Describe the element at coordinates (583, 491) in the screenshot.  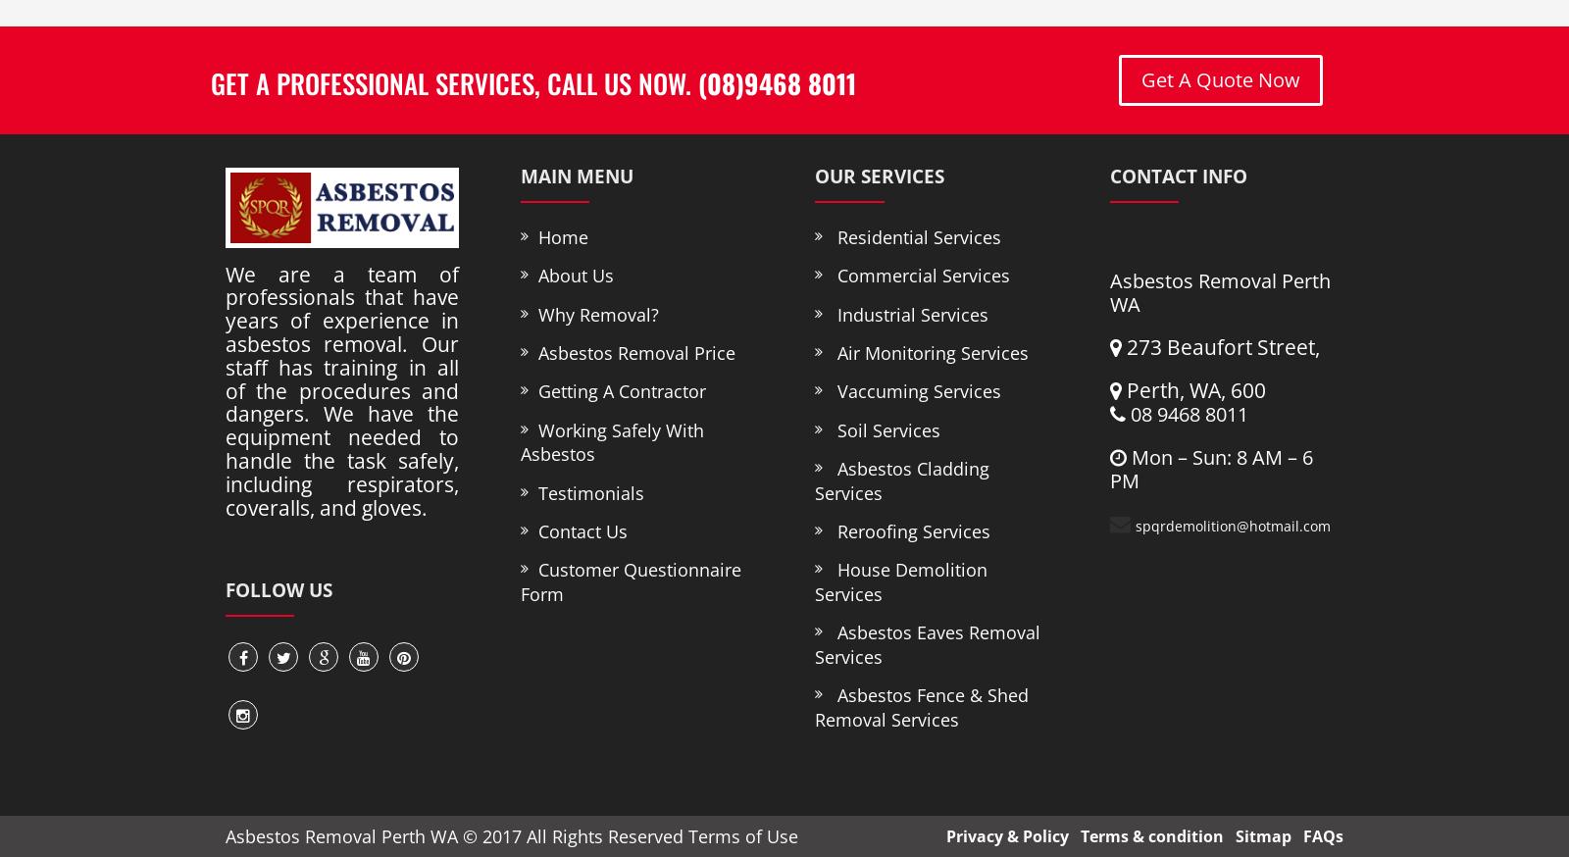
I see `'Testimonials'` at that location.